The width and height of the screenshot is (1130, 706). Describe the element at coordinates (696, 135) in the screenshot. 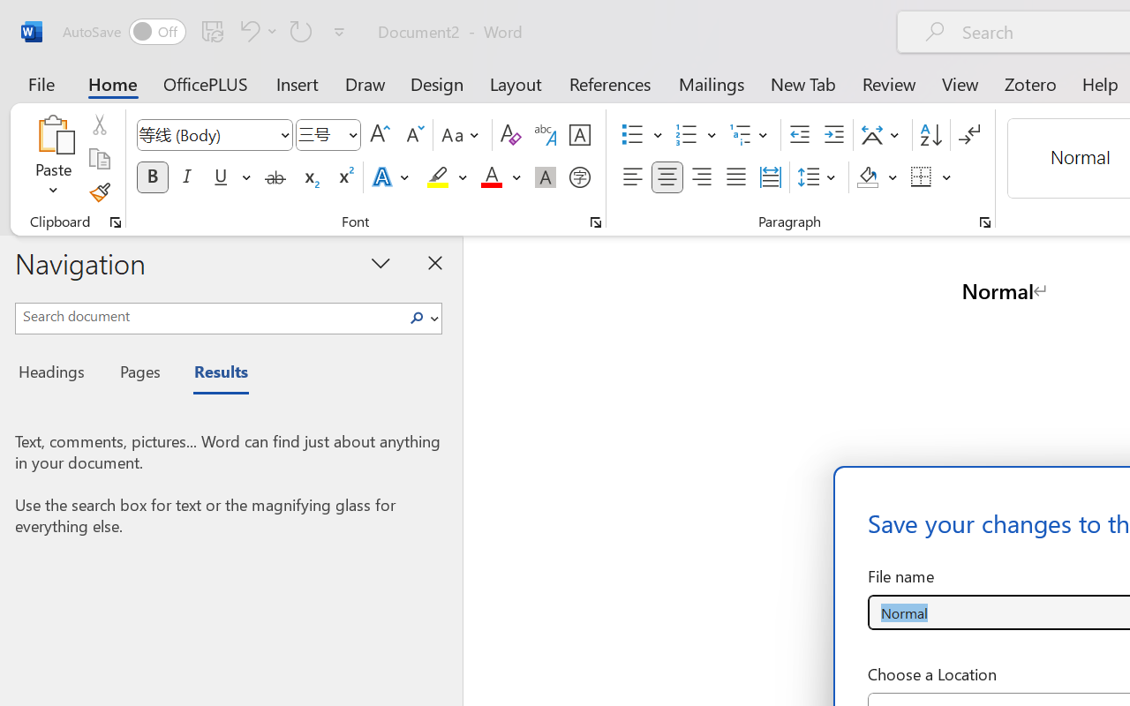

I see `'Numbering'` at that location.